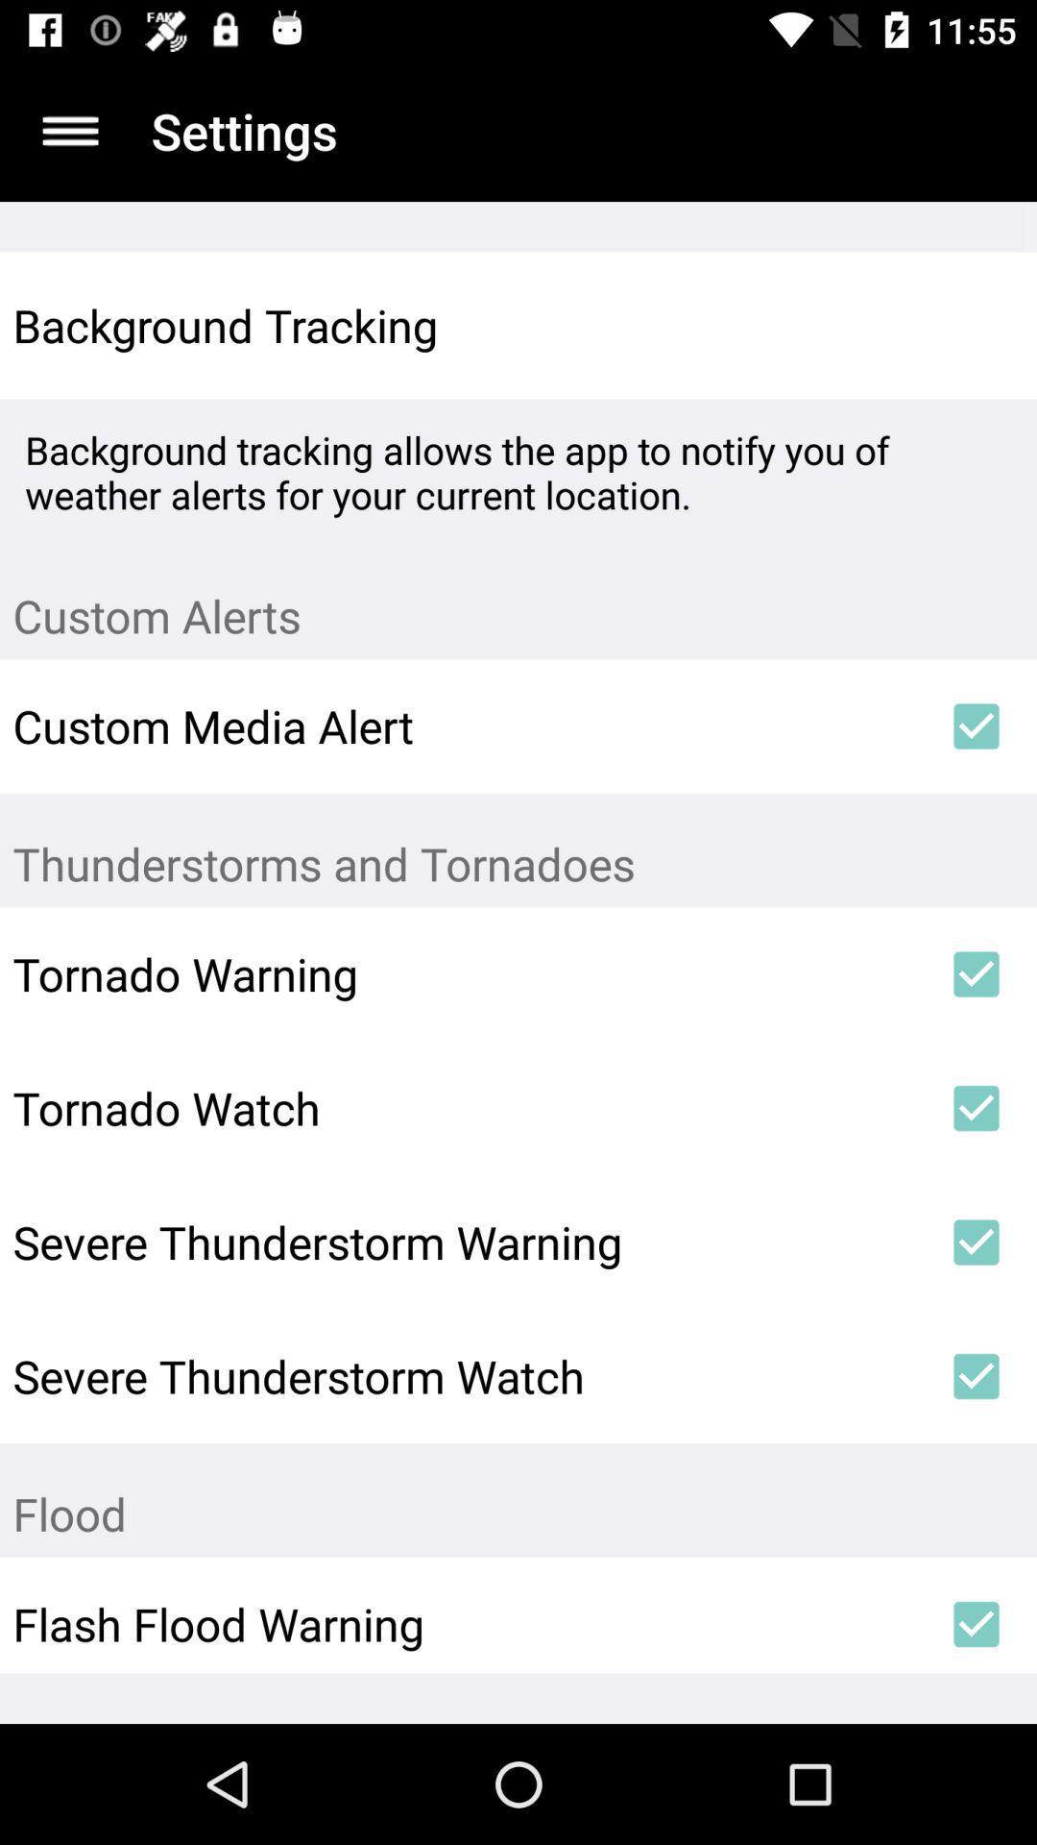 The width and height of the screenshot is (1037, 1845). I want to click on the app next to the settings app, so click(69, 130).